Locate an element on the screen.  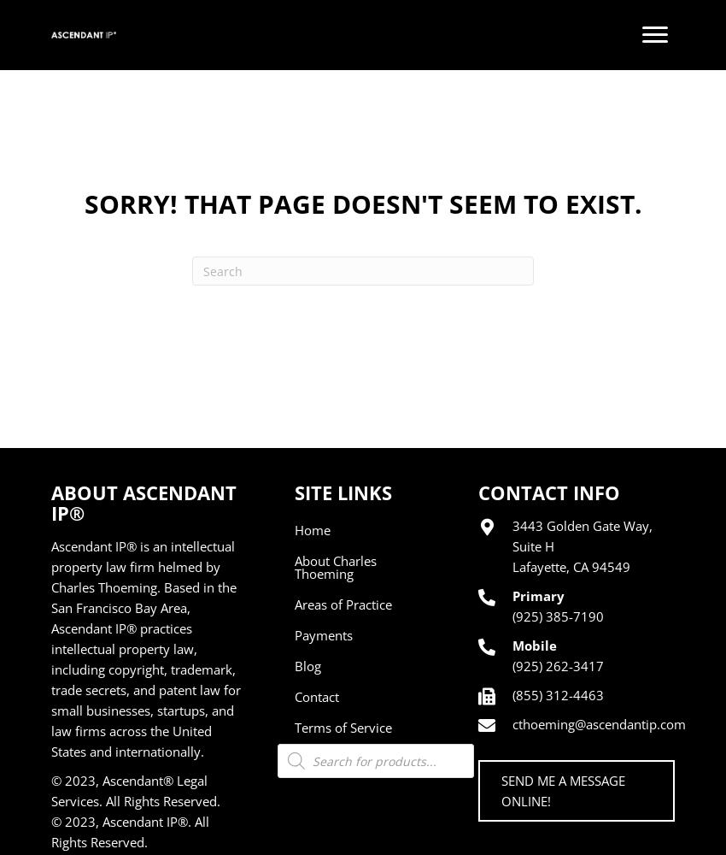
'3443 Golden Gate Way, Suite H' is located at coordinates (582, 536).